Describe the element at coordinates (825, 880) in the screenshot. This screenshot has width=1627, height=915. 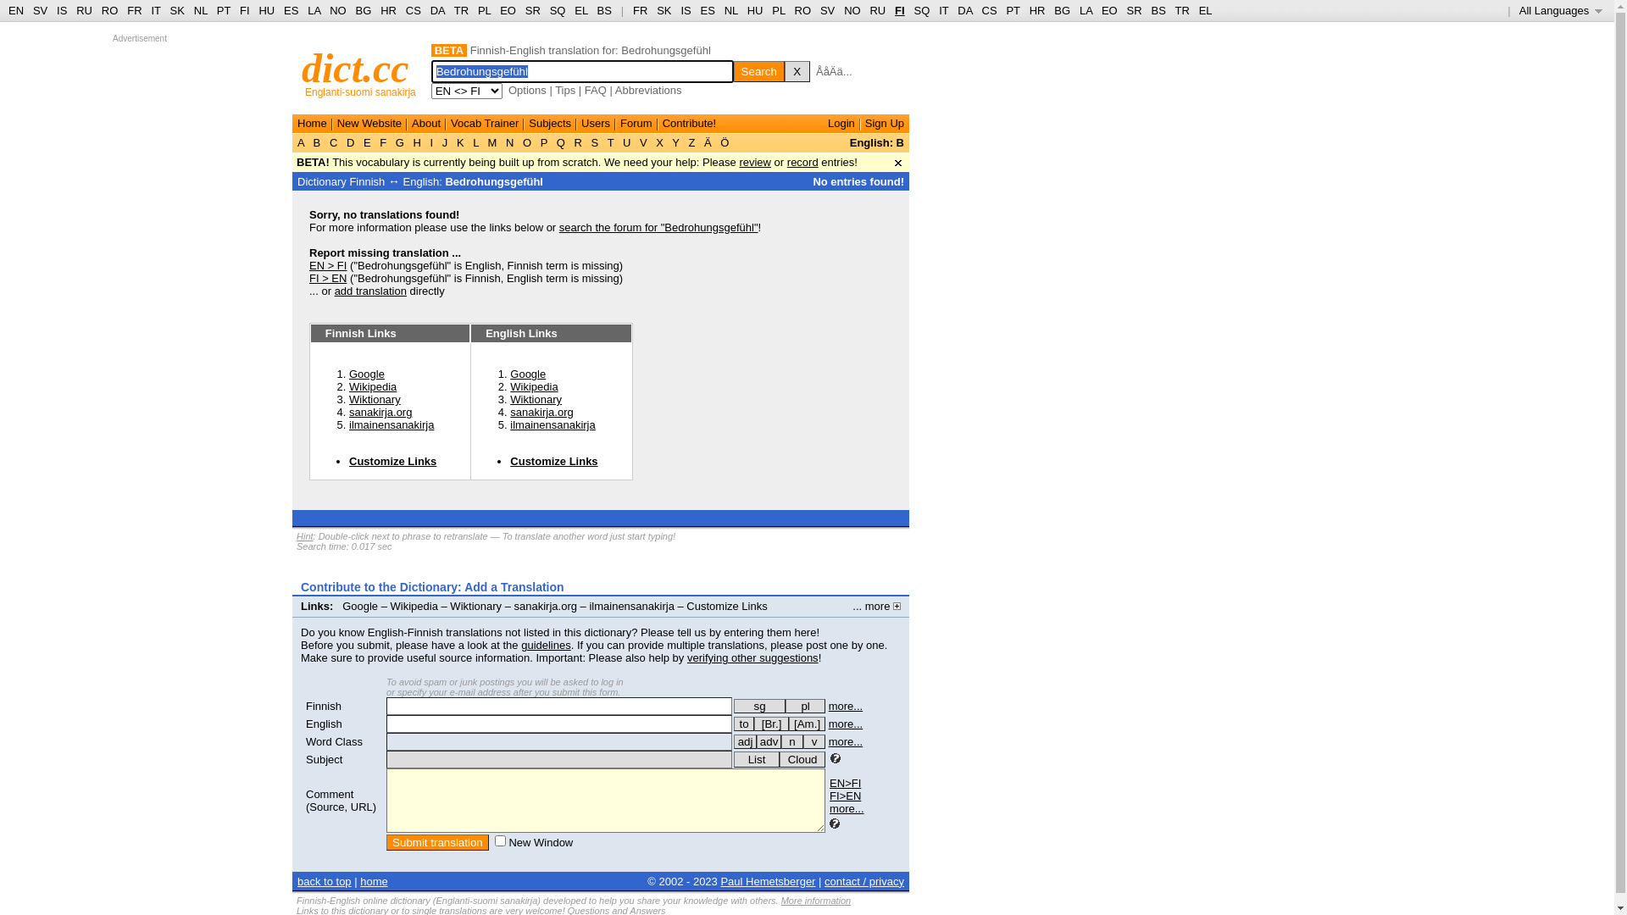
I see `'contact / privacy'` at that location.